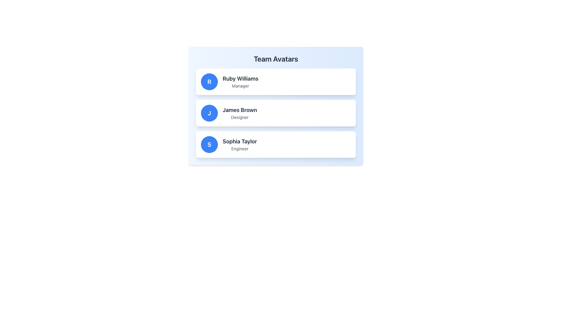 This screenshot has height=326, width=581. What do you see at coordinates (209, 81) in the screenshot?
I see `the Avatar (Graphical Representation) for 'Ruby Williams'` at bounding box center [209, 81].